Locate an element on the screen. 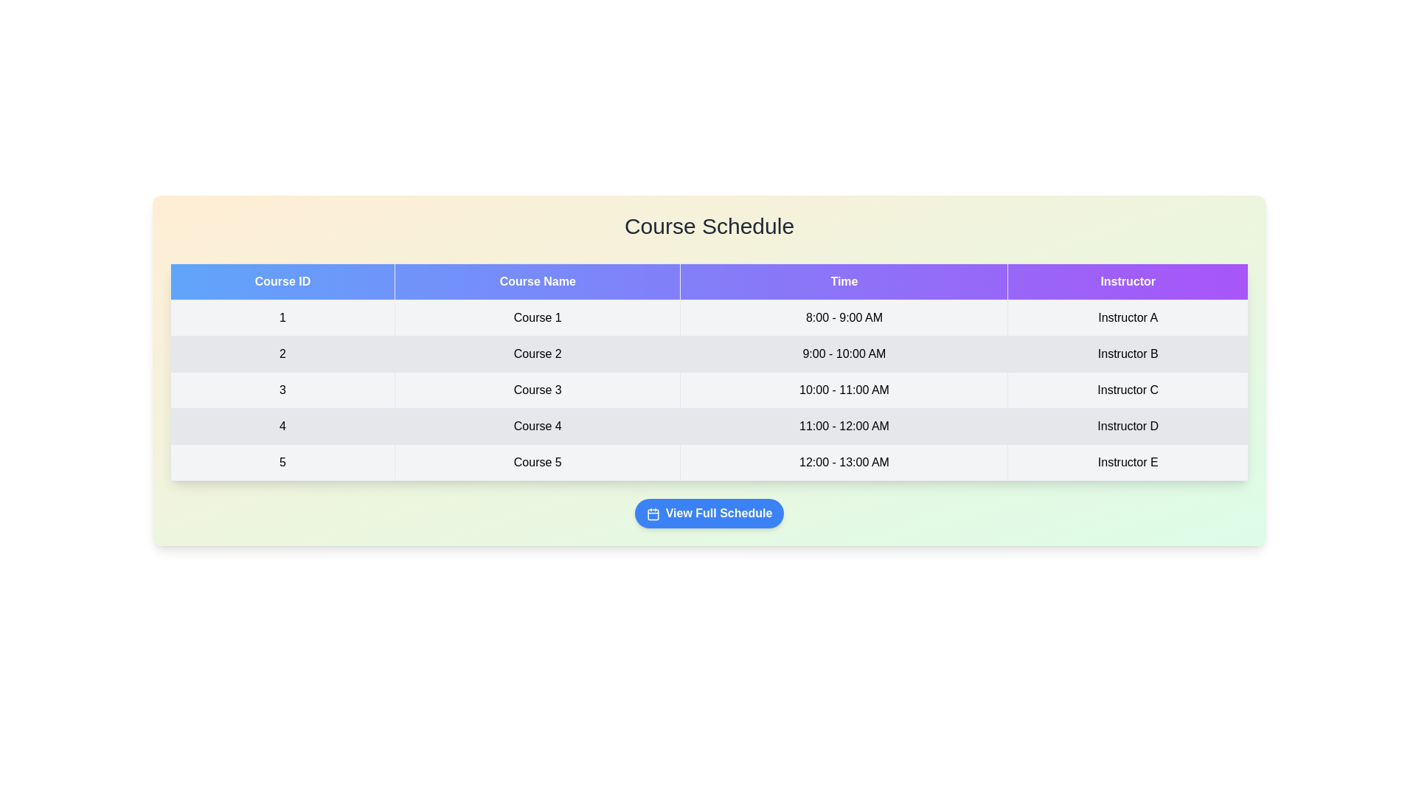 This screenshot has width=1416, height=797. the row corresponding to 5 is located at coordinates (709, 462).